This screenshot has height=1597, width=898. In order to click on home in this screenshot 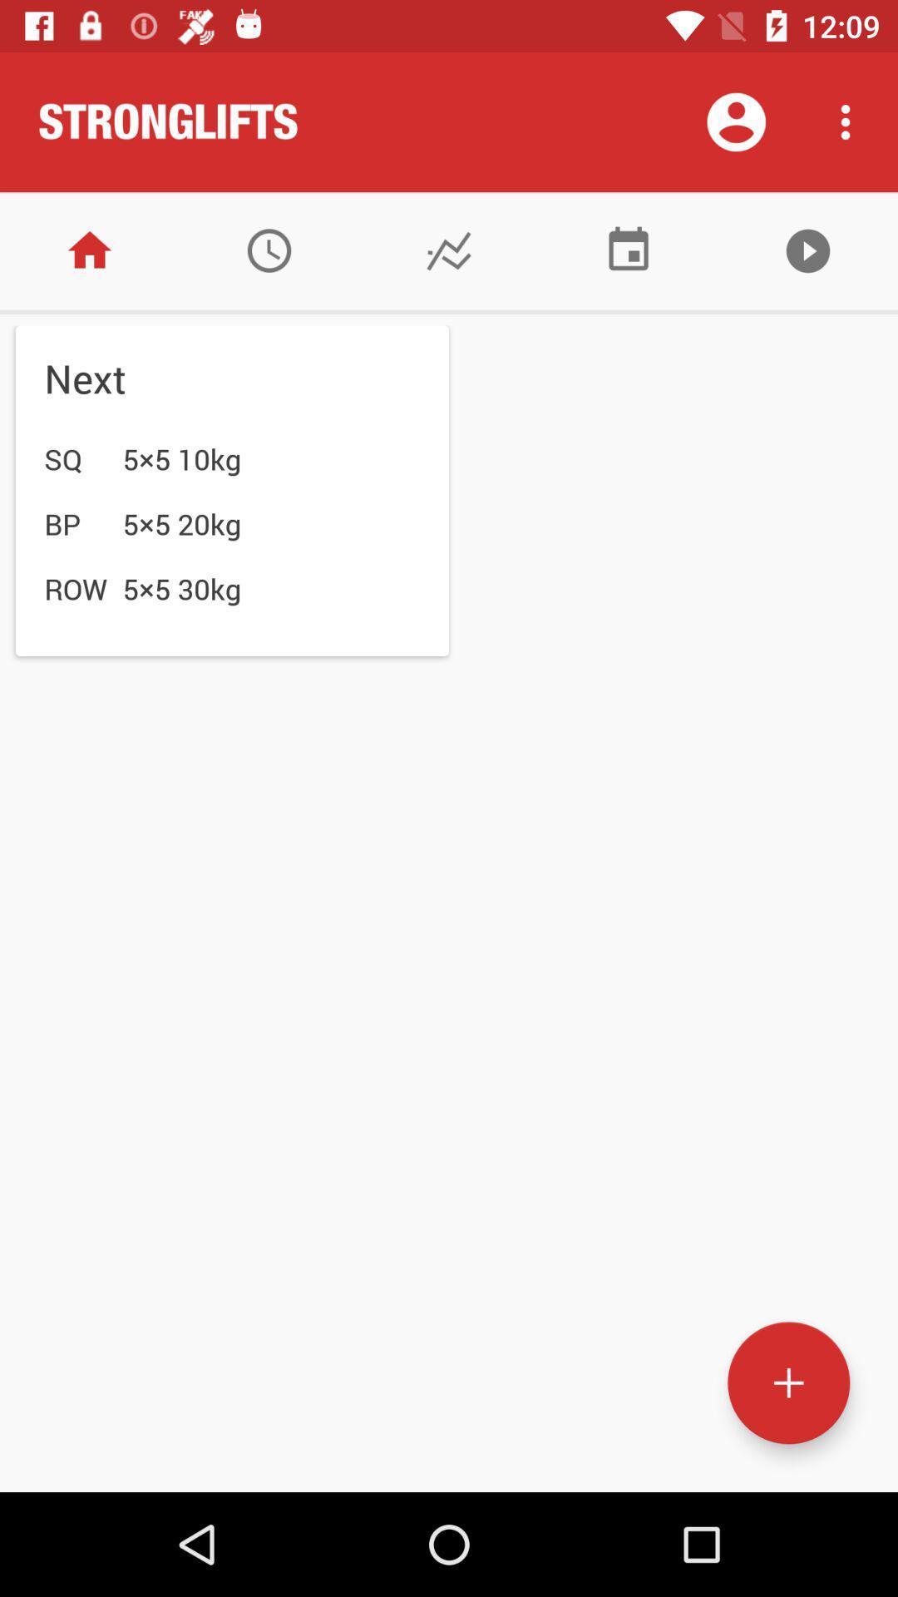, I will do `click(90, 250)`.